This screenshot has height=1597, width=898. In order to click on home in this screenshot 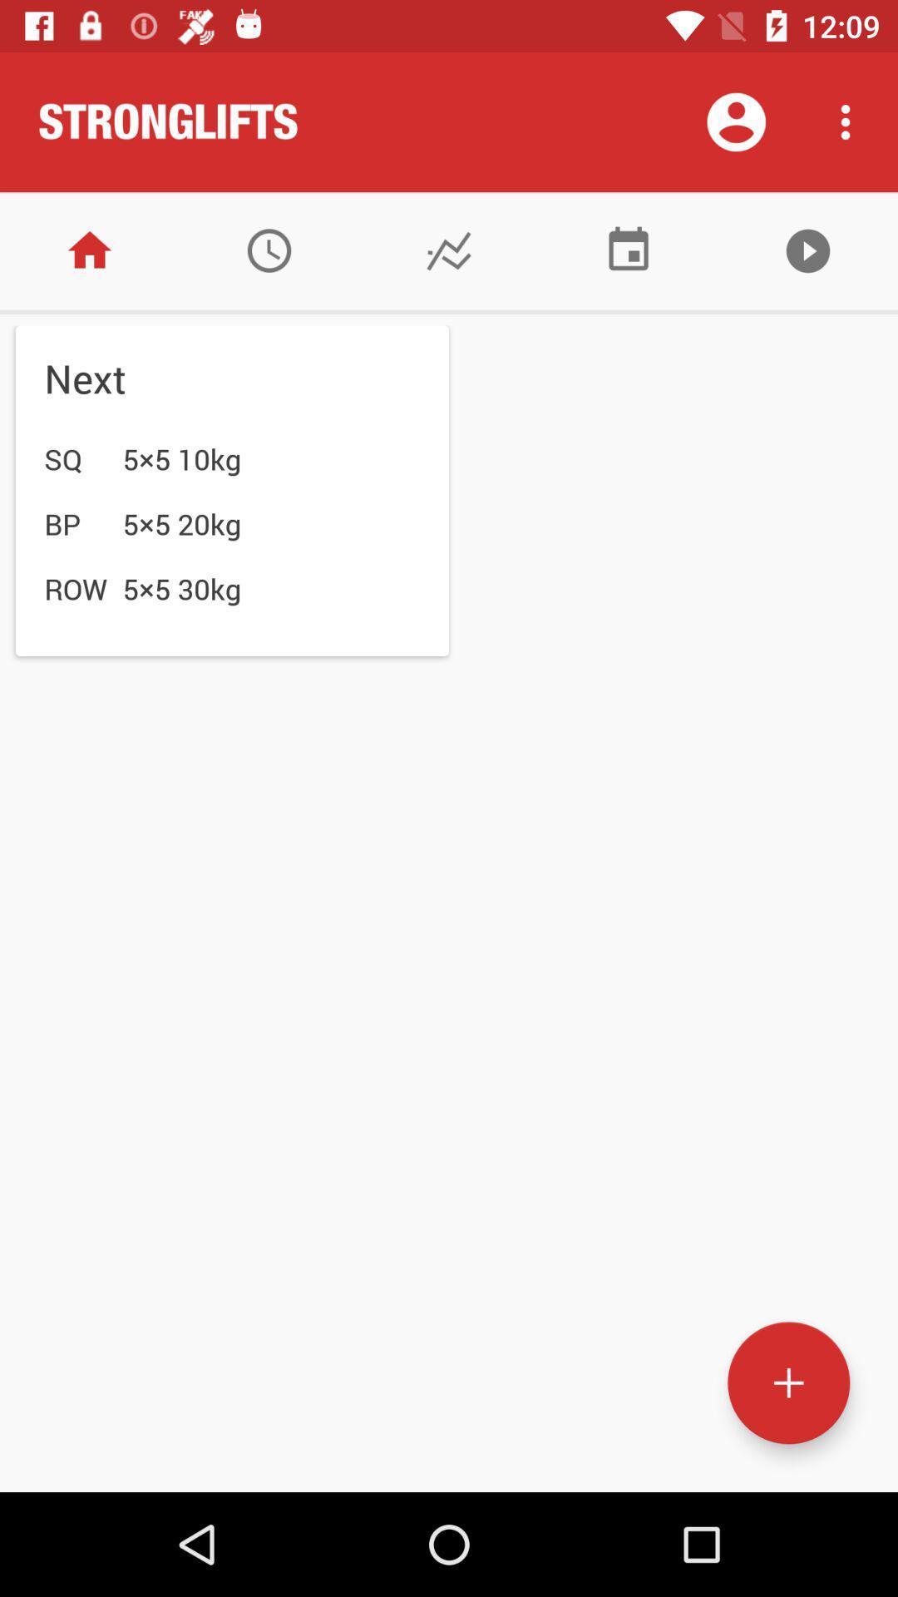, I will do `click(90, 250)`.